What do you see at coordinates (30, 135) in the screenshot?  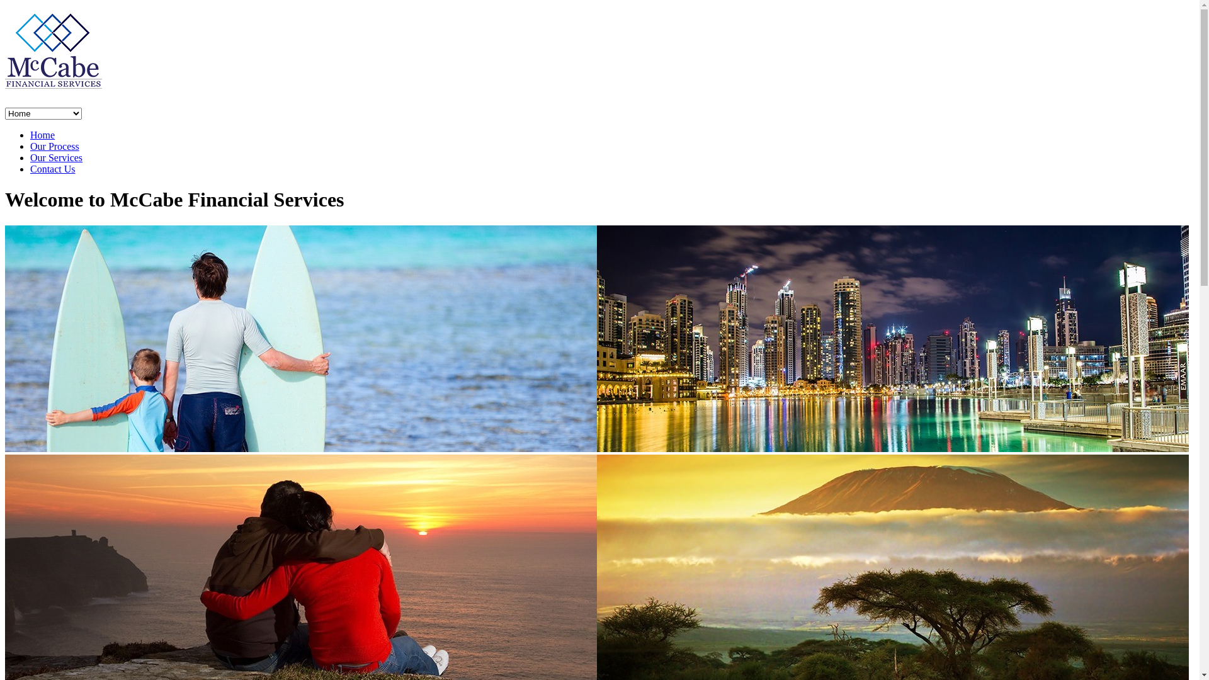 I see `'Home'` at bounding box center [30, 135].